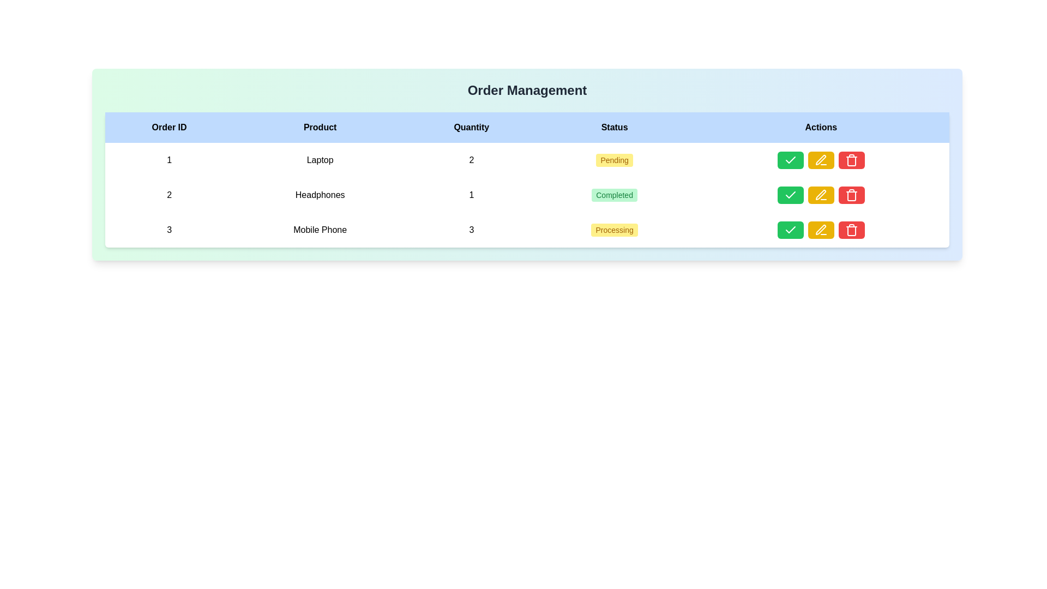  What do you see at coordinates (851, 195) in the screenshot?
I see `the trash bin icon with a red background located in the 'Actions' column of the last row in the table` at bounding box center [851, 195].